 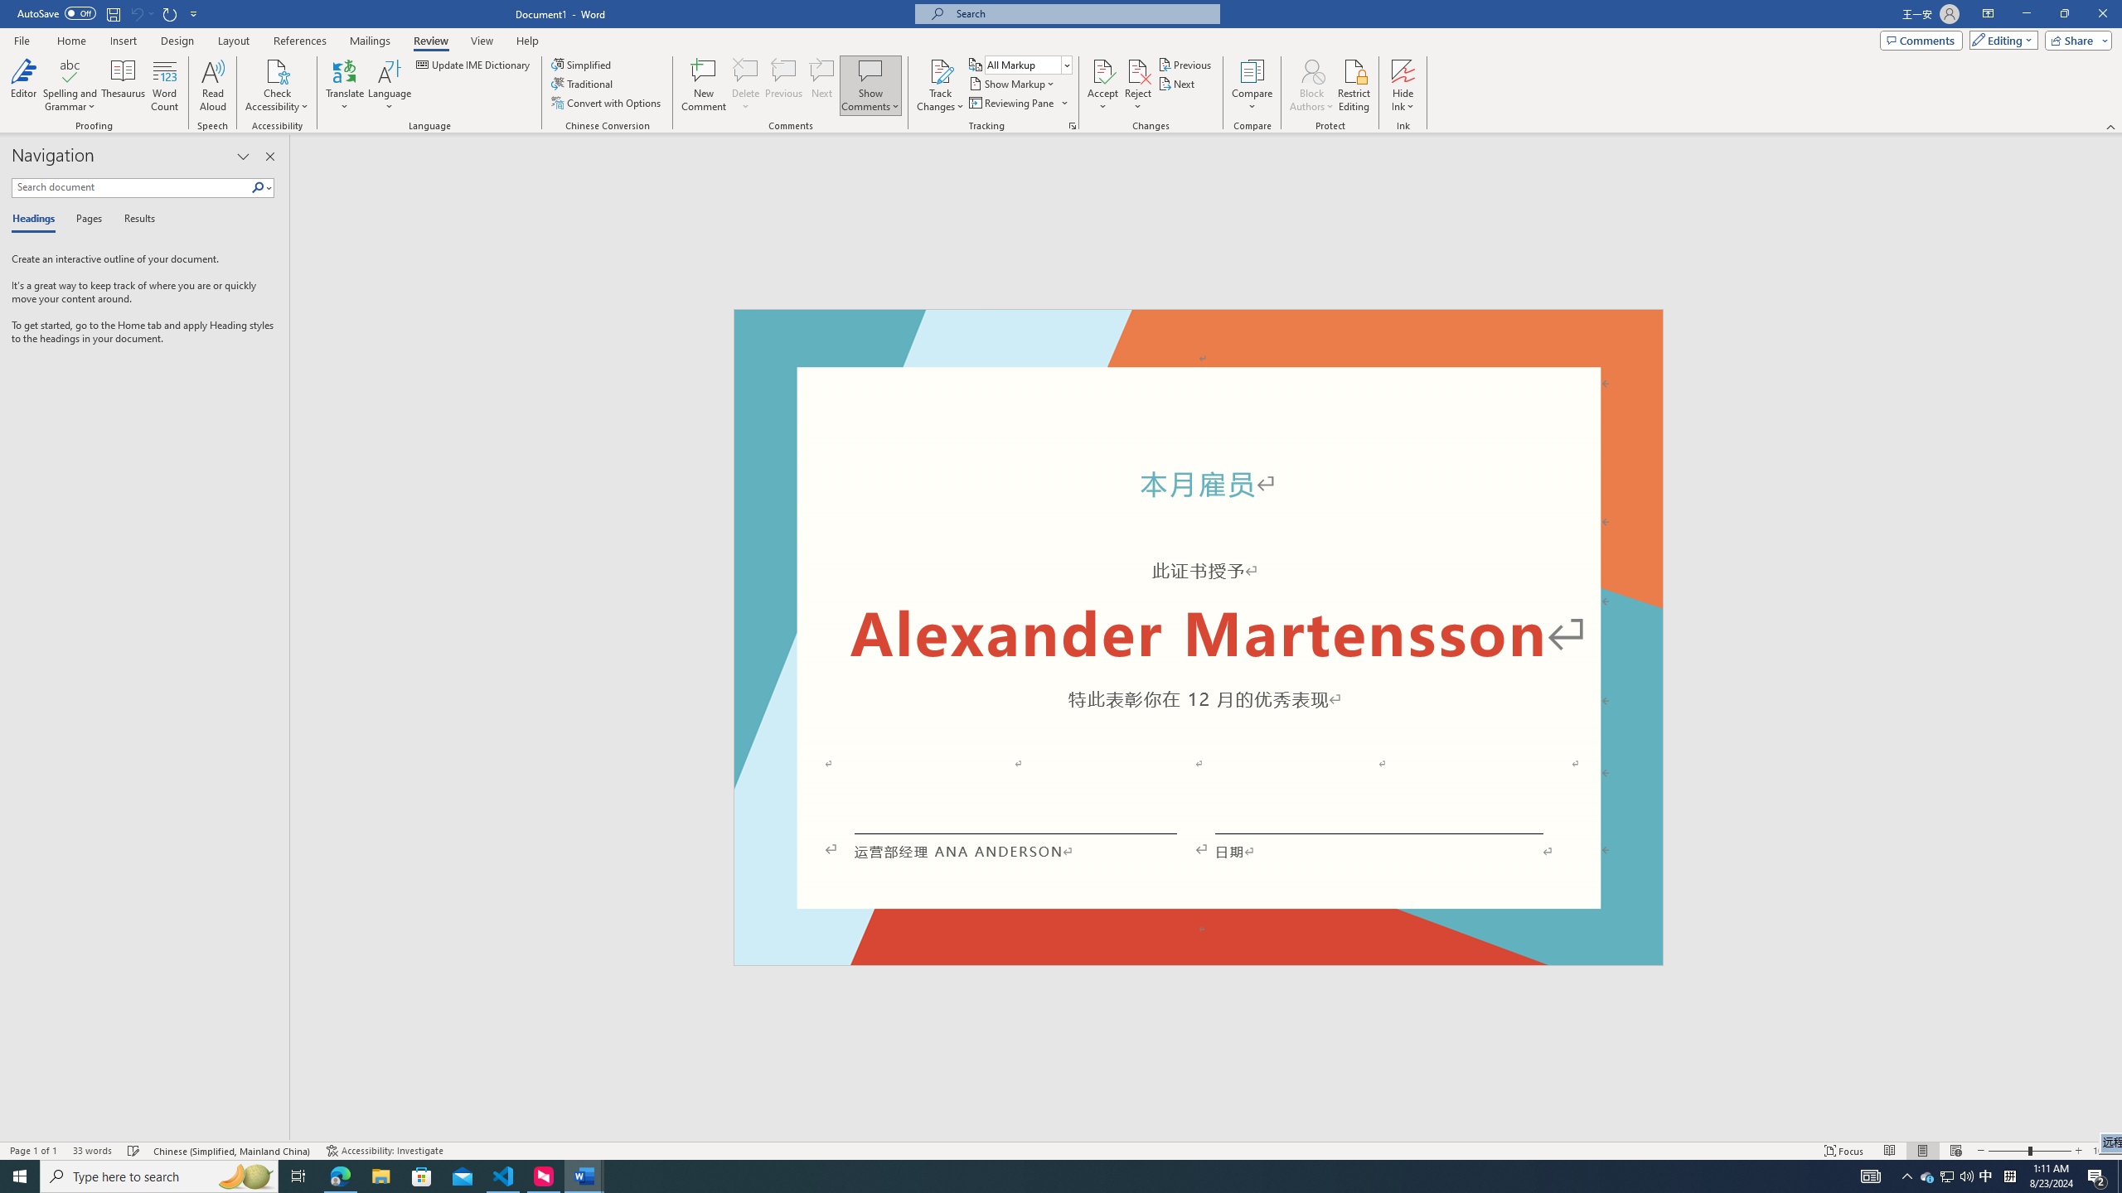 What do you see at coordinates (23, 85) in the screenshot?
I see `'Editor'` at bounding box center [23, 85].